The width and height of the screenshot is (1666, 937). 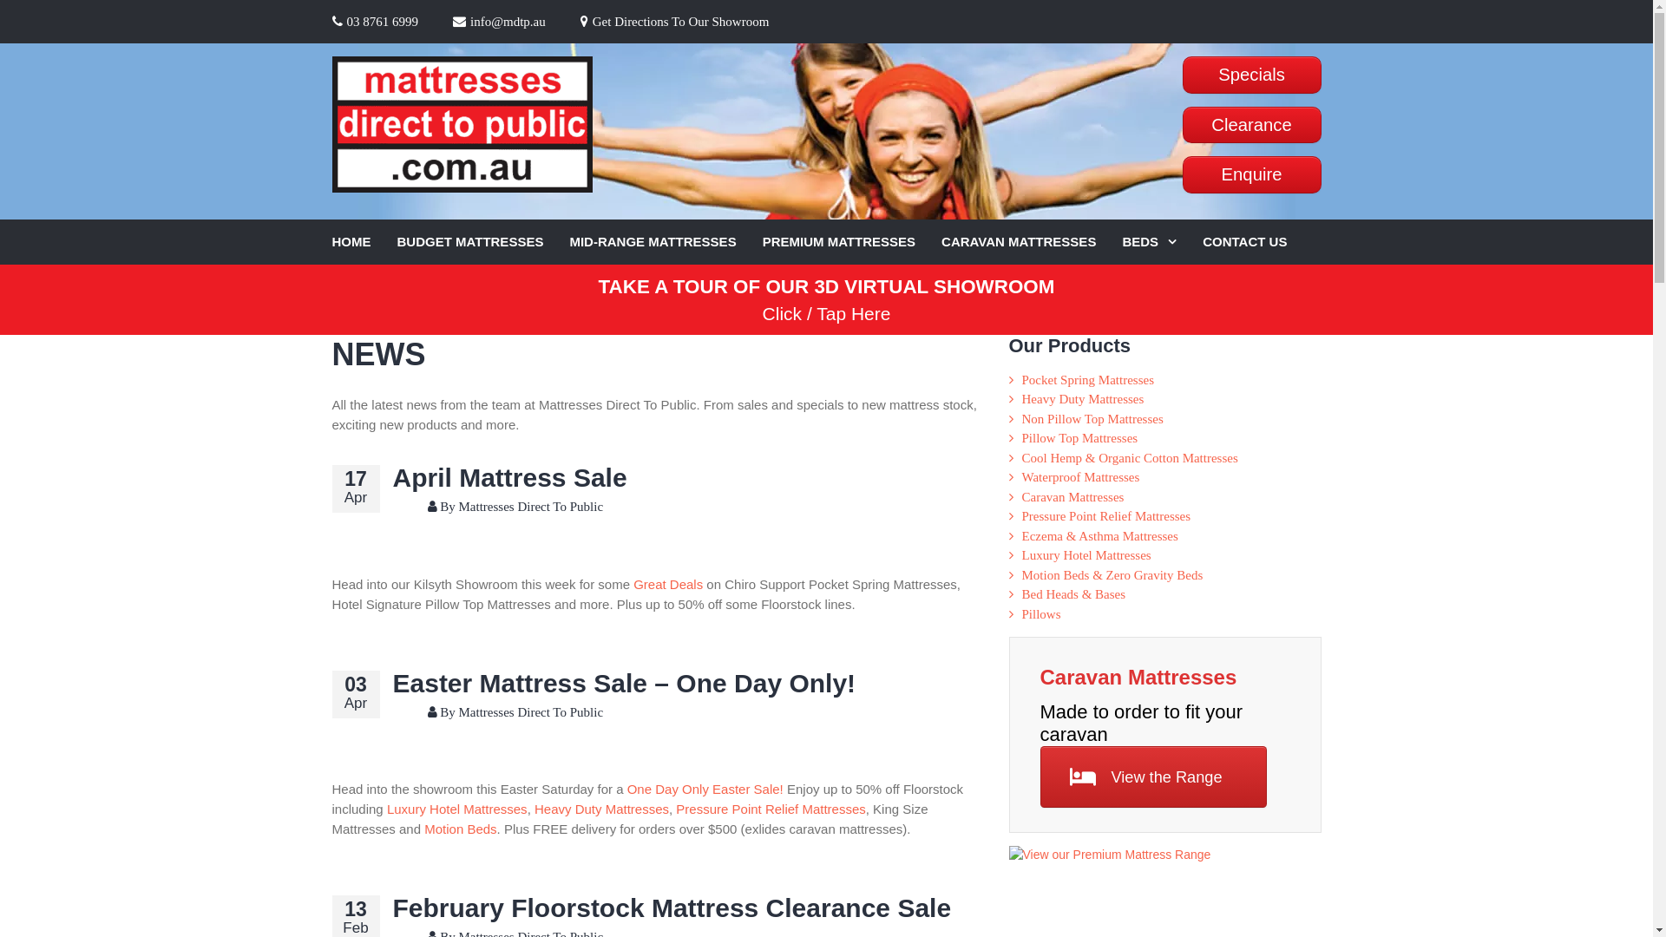 I want to click on 'MID-RANGE MATTRESSES', so click(x=569, y=242).